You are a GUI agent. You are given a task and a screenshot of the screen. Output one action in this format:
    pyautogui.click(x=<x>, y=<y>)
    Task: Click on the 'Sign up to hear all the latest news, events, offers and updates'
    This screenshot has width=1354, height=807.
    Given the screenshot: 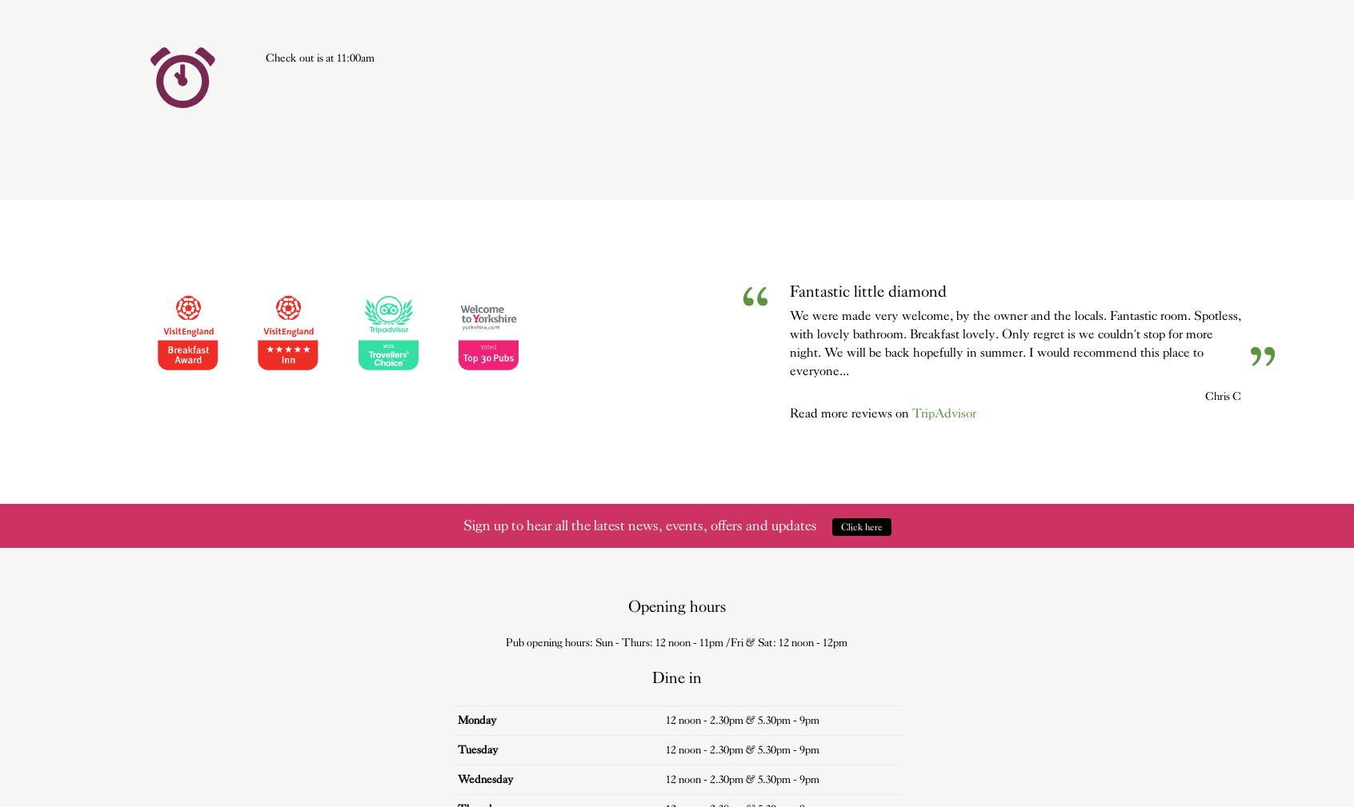 What is the action you would take?
    pyautogui.click(x=640, y=525)
    